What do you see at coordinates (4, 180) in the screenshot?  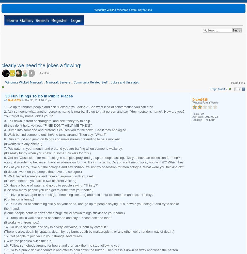 I see `'(It's even better if you talk in two different voices.)'` at bounding box center [4, 180].